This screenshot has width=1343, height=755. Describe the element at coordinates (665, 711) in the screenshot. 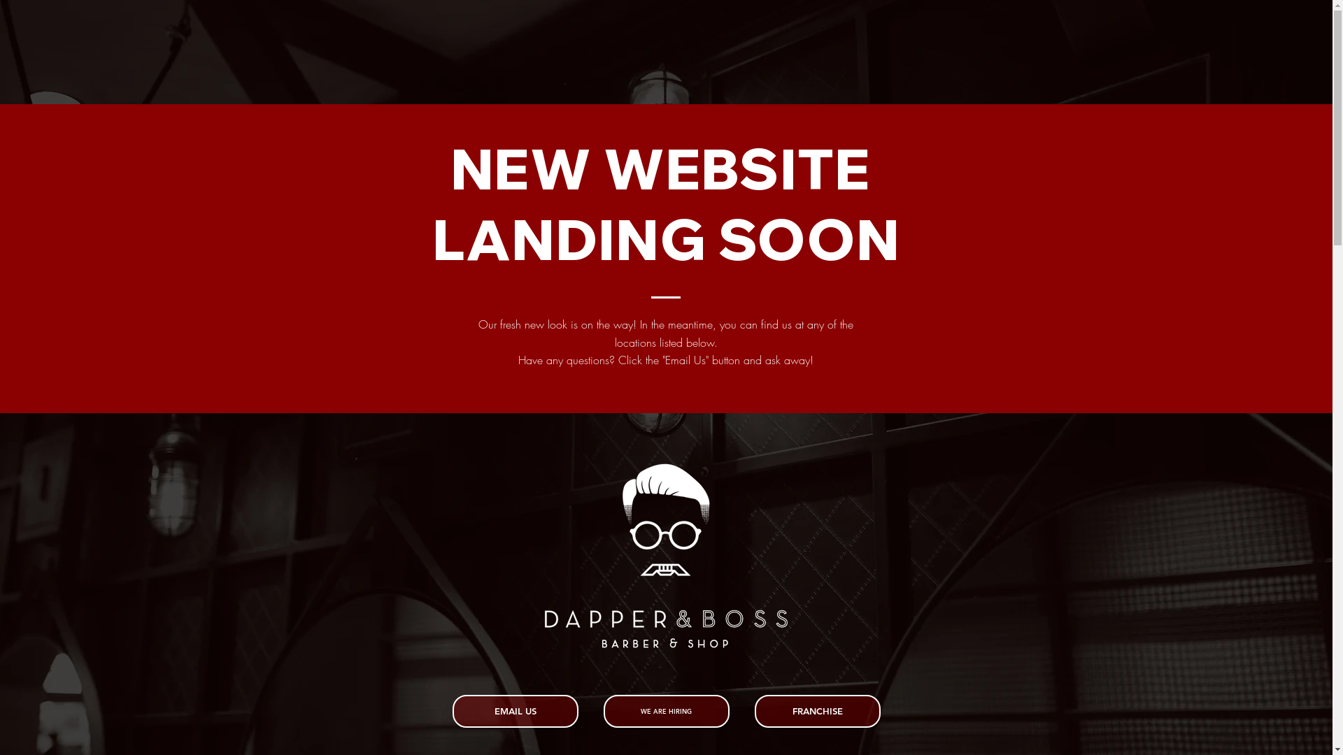

I see `'WE ARE HIRING'` at that location.